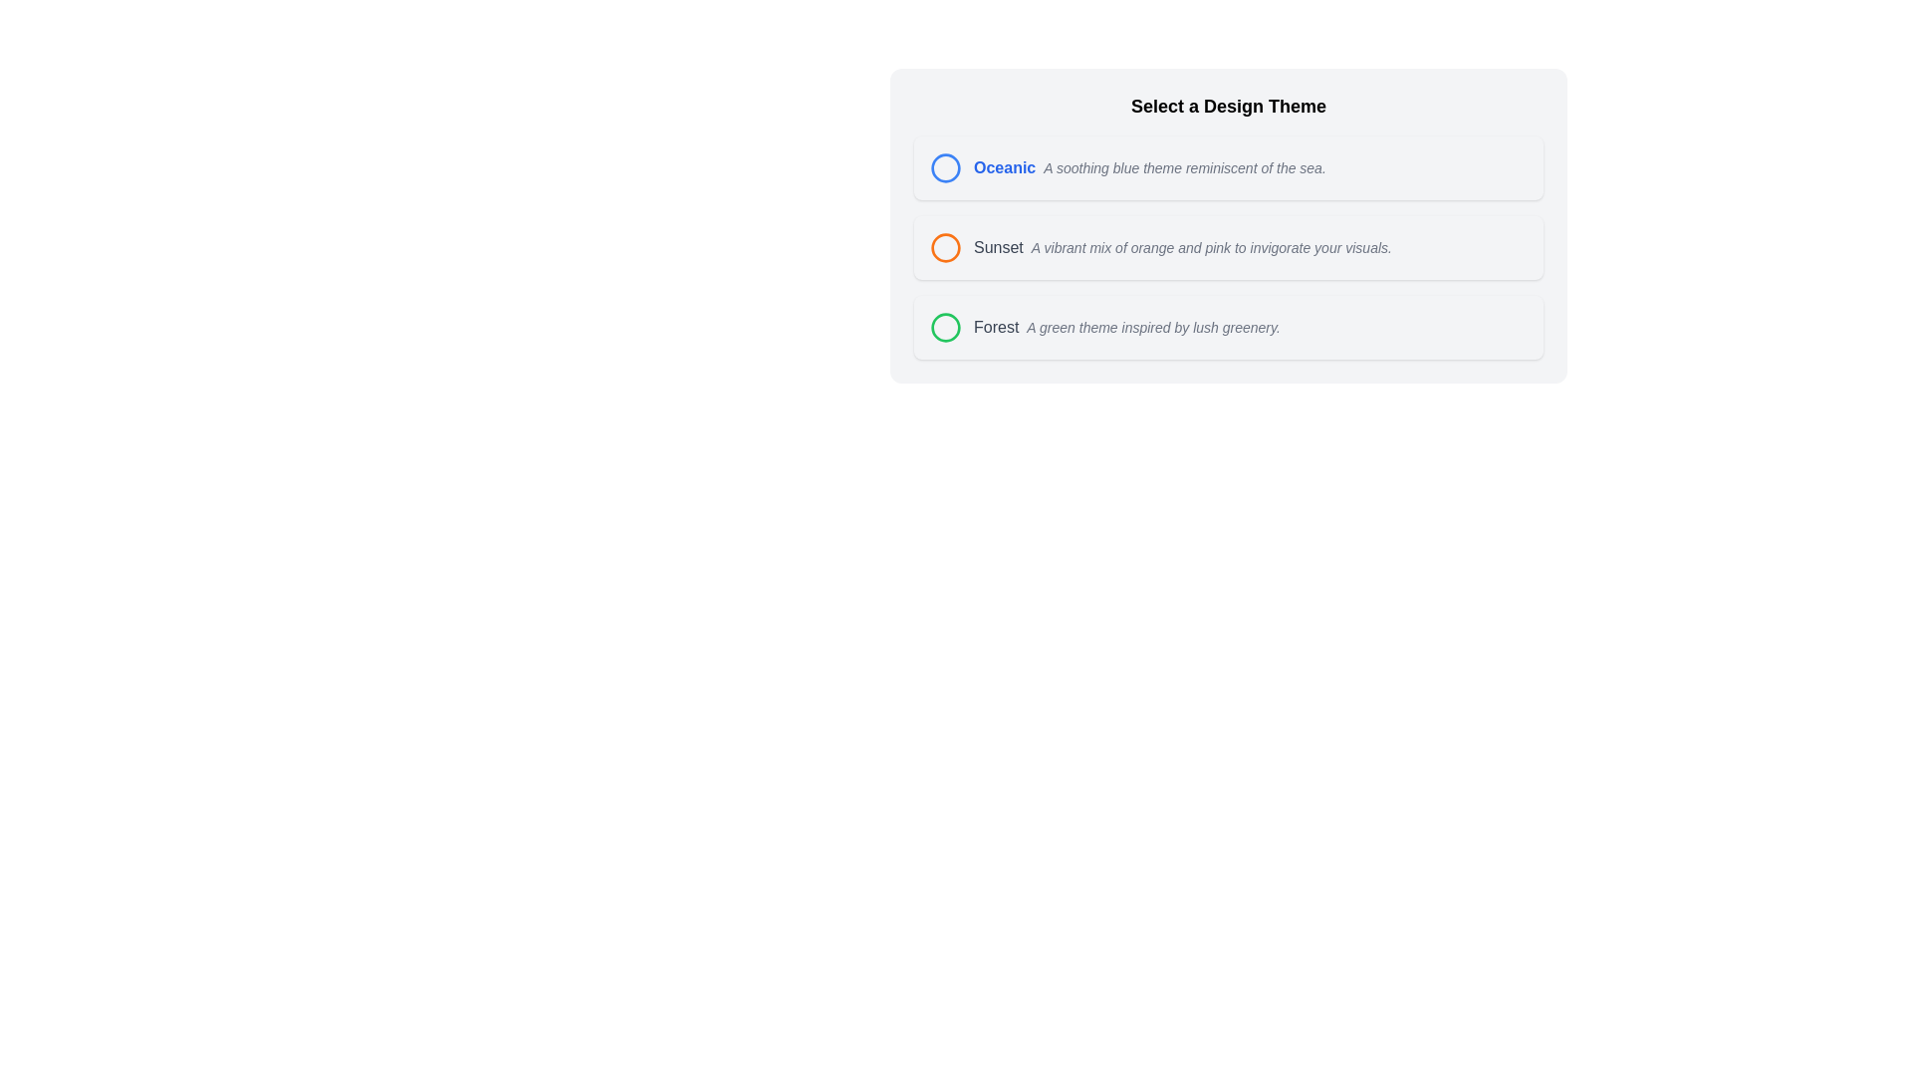 The image size is (1912, 1076). I want to click on the descriptive text label associated with the 'Forest' theme option, which is positioned immediately to the right of the 'Forest' label and underneath a green circular icon, so click(1153, 326).